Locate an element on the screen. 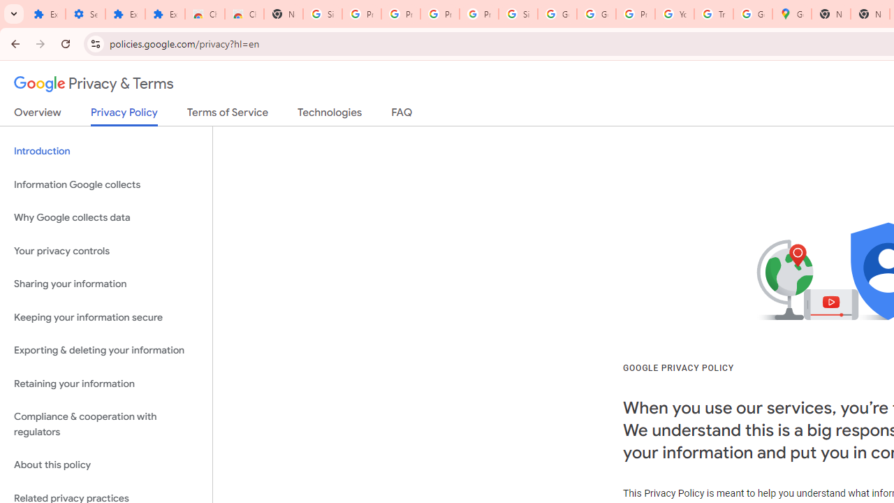 The image size is (894, 503). 'YouTube' is located at coordinates (675, 14).